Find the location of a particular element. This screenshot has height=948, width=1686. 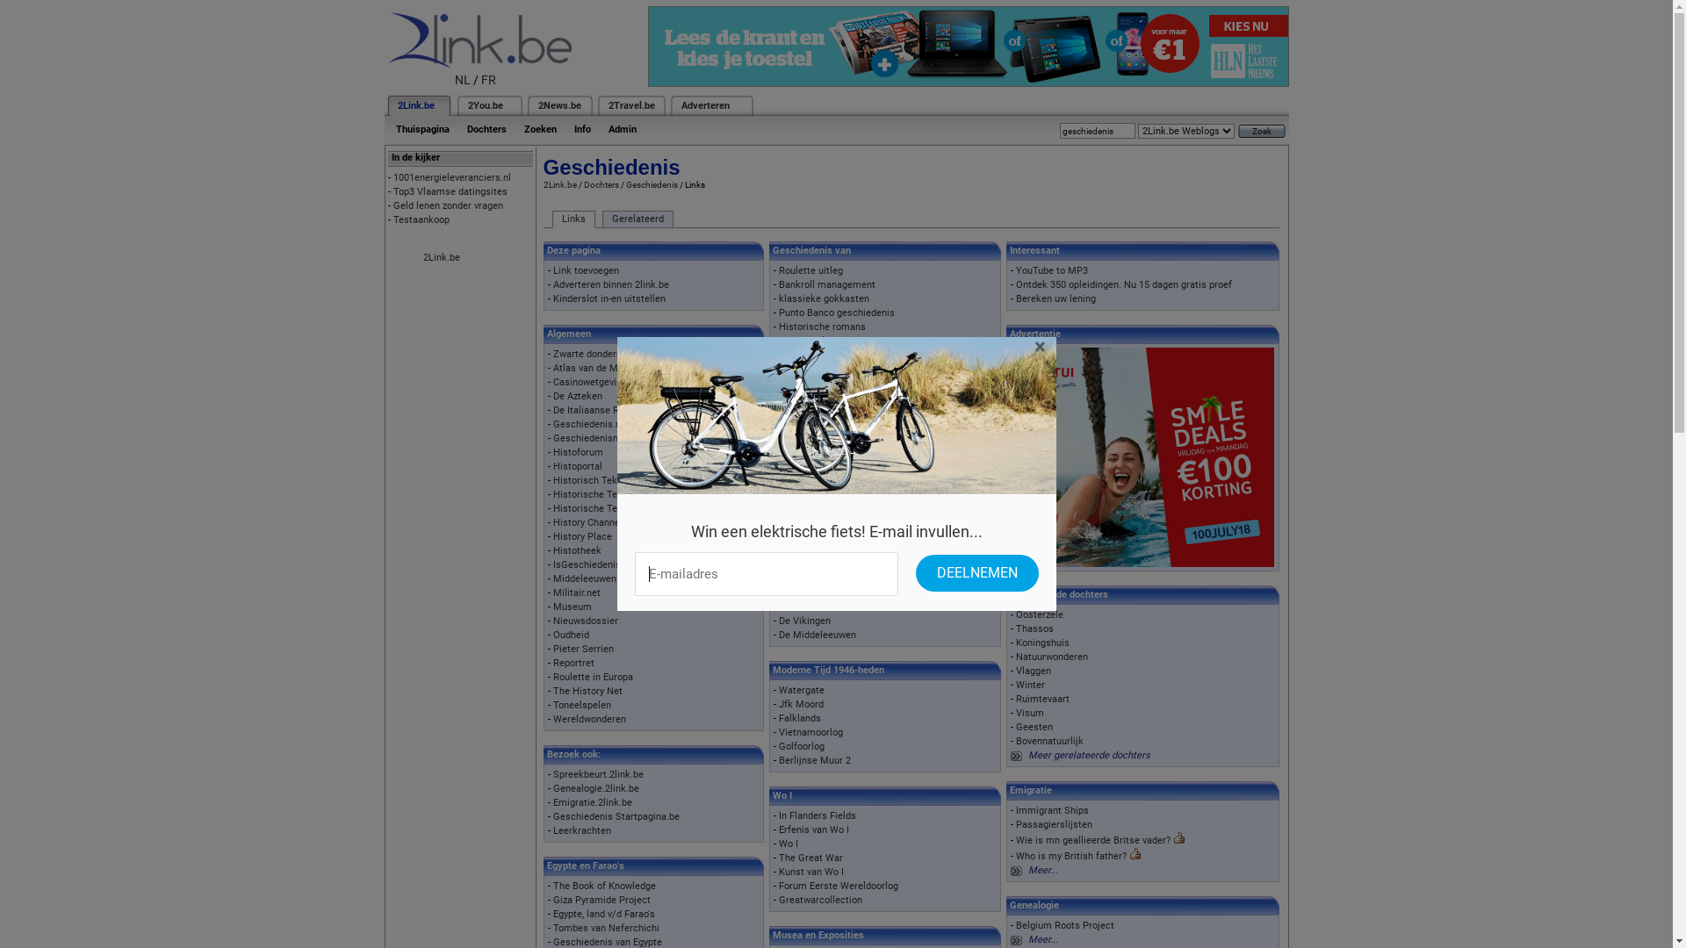

'Link toevoegen' is located at coordinates (551, 270).